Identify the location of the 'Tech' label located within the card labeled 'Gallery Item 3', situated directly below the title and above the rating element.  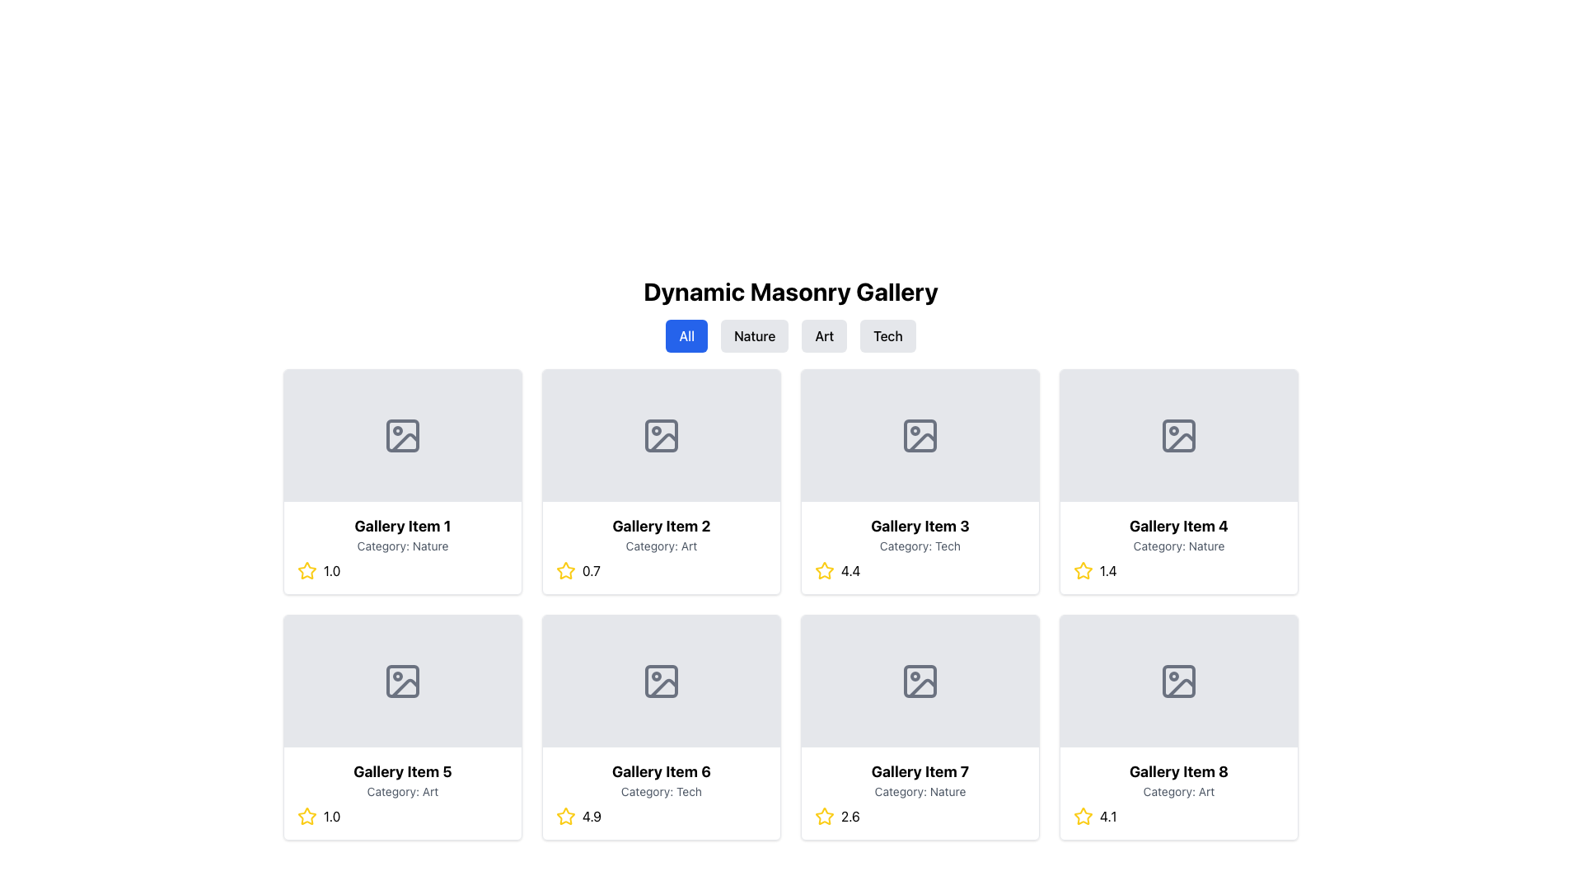
(920, 546).